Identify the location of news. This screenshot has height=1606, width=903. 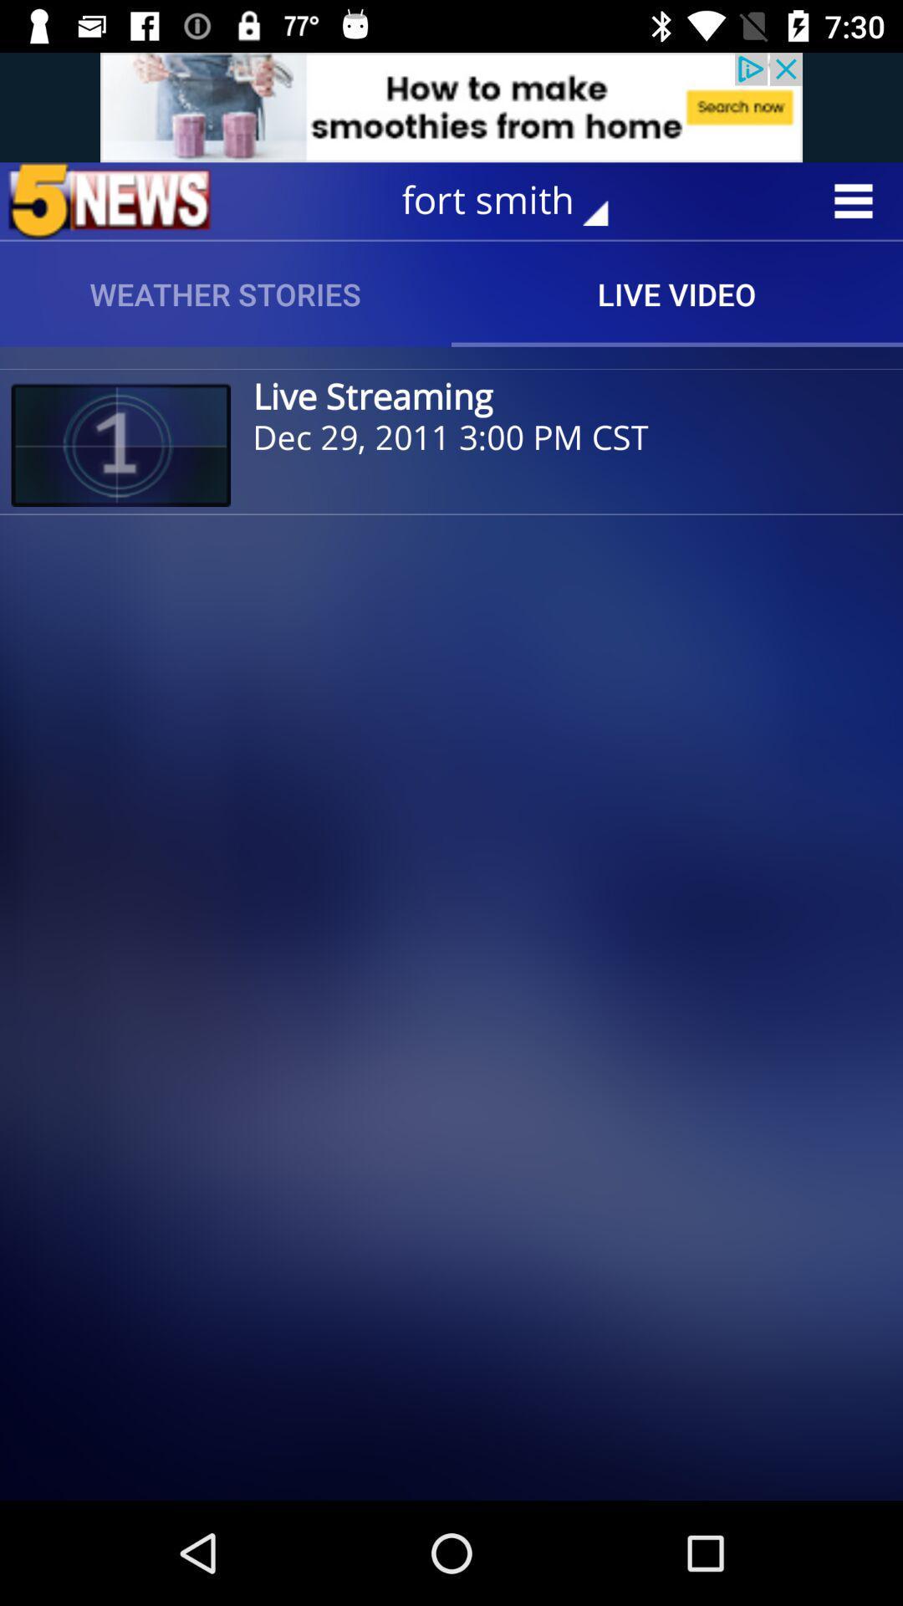
(110, 201).